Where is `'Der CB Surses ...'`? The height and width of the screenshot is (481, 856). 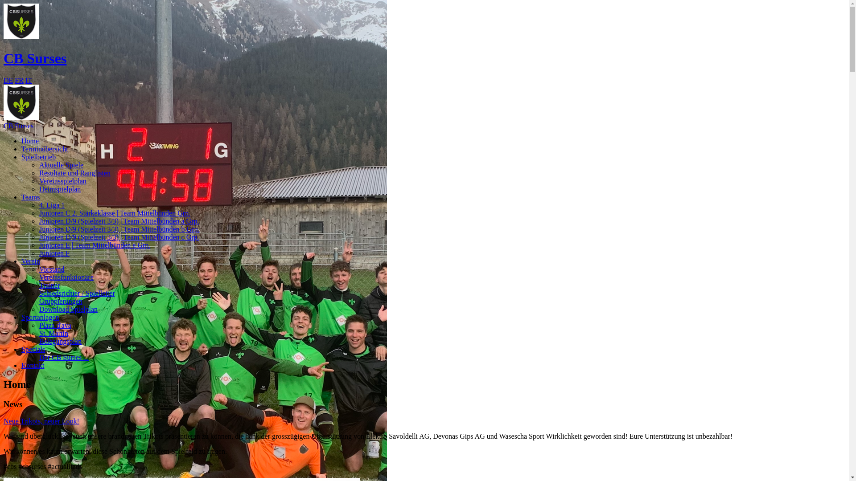 'Der CB Surses ...' is located at coordinates (63, 357).